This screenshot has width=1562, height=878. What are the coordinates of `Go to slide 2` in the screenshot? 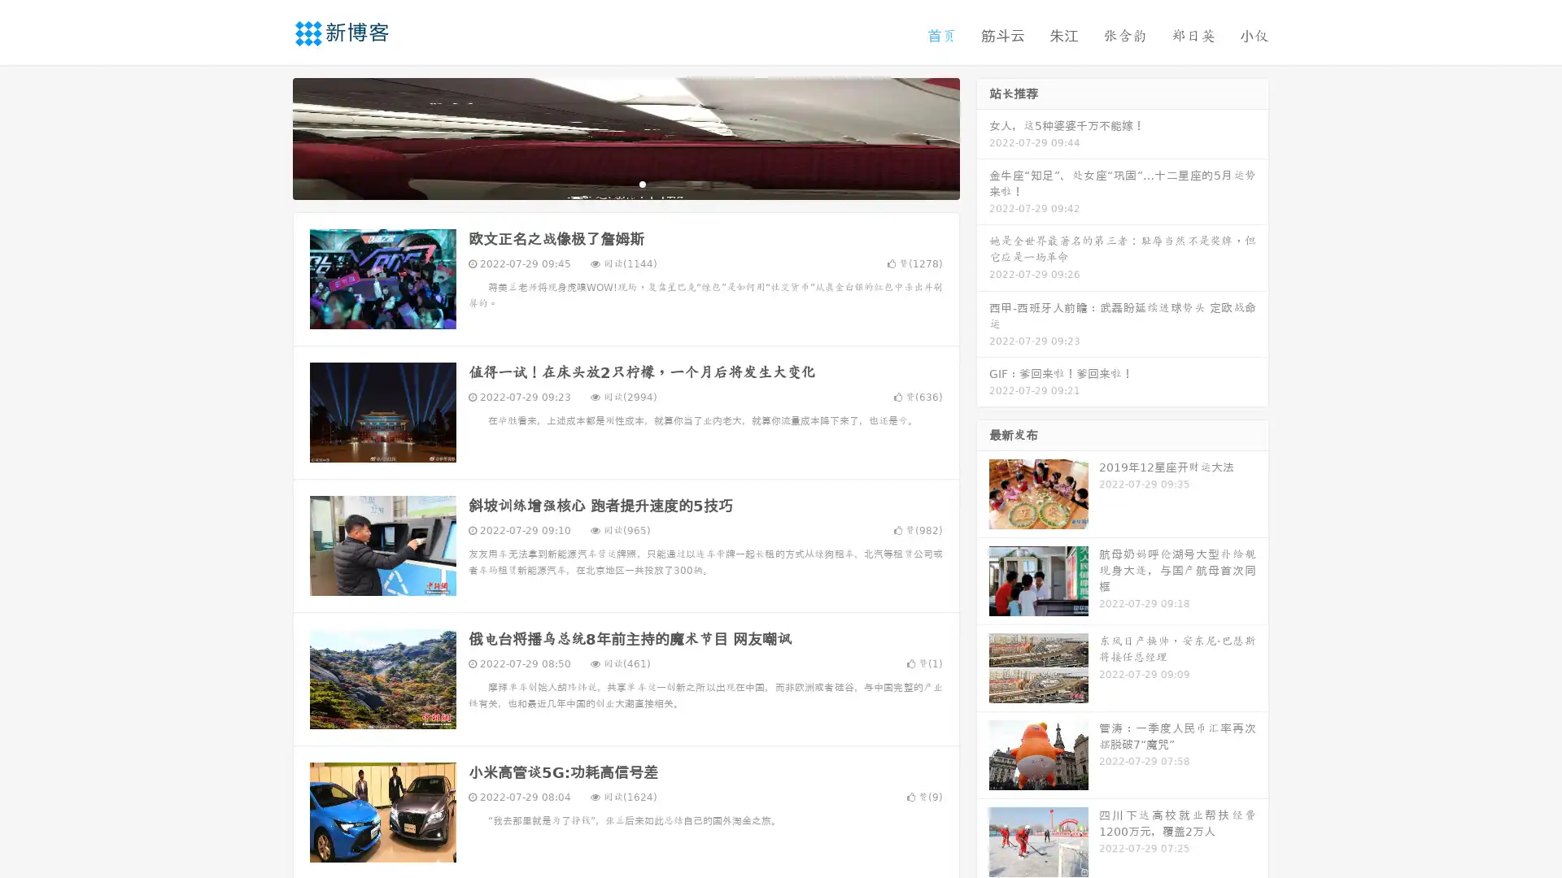 It's located at (625, 183).